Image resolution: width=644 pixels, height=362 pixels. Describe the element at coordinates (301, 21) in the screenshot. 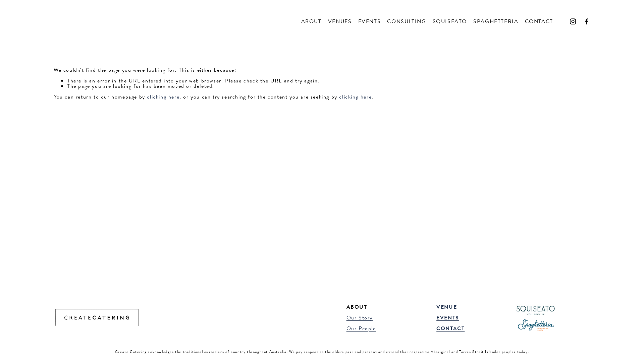

I see `'ABOUT'` at that location.